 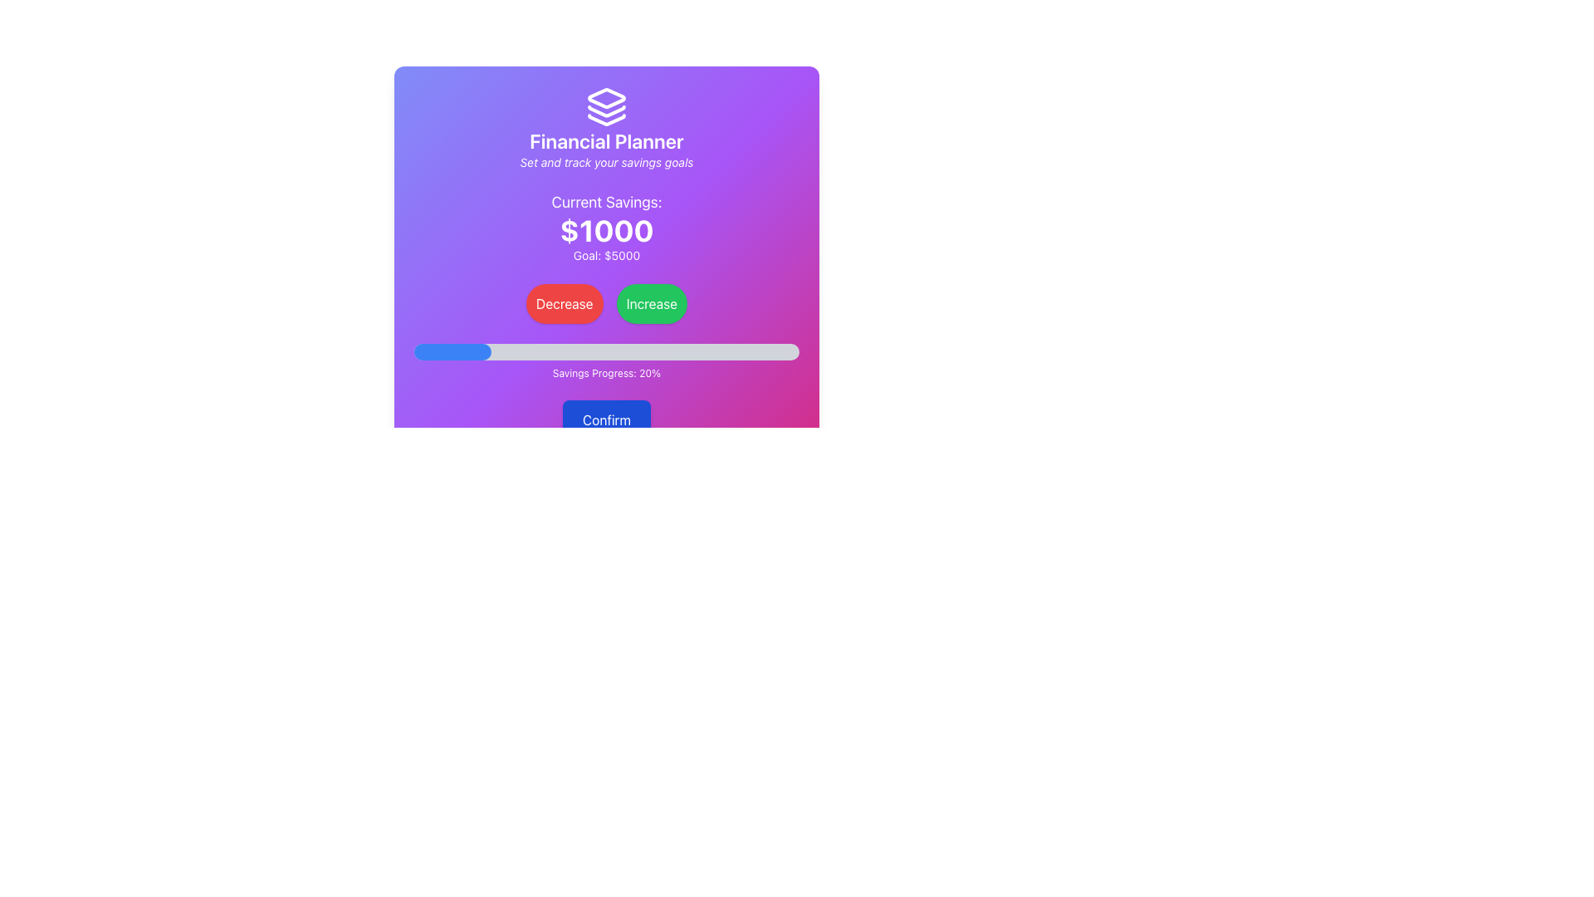 I want to click on the buttons within the Financial Planner component that allows users to adjust their savings amount, so click(x=605, y=284).